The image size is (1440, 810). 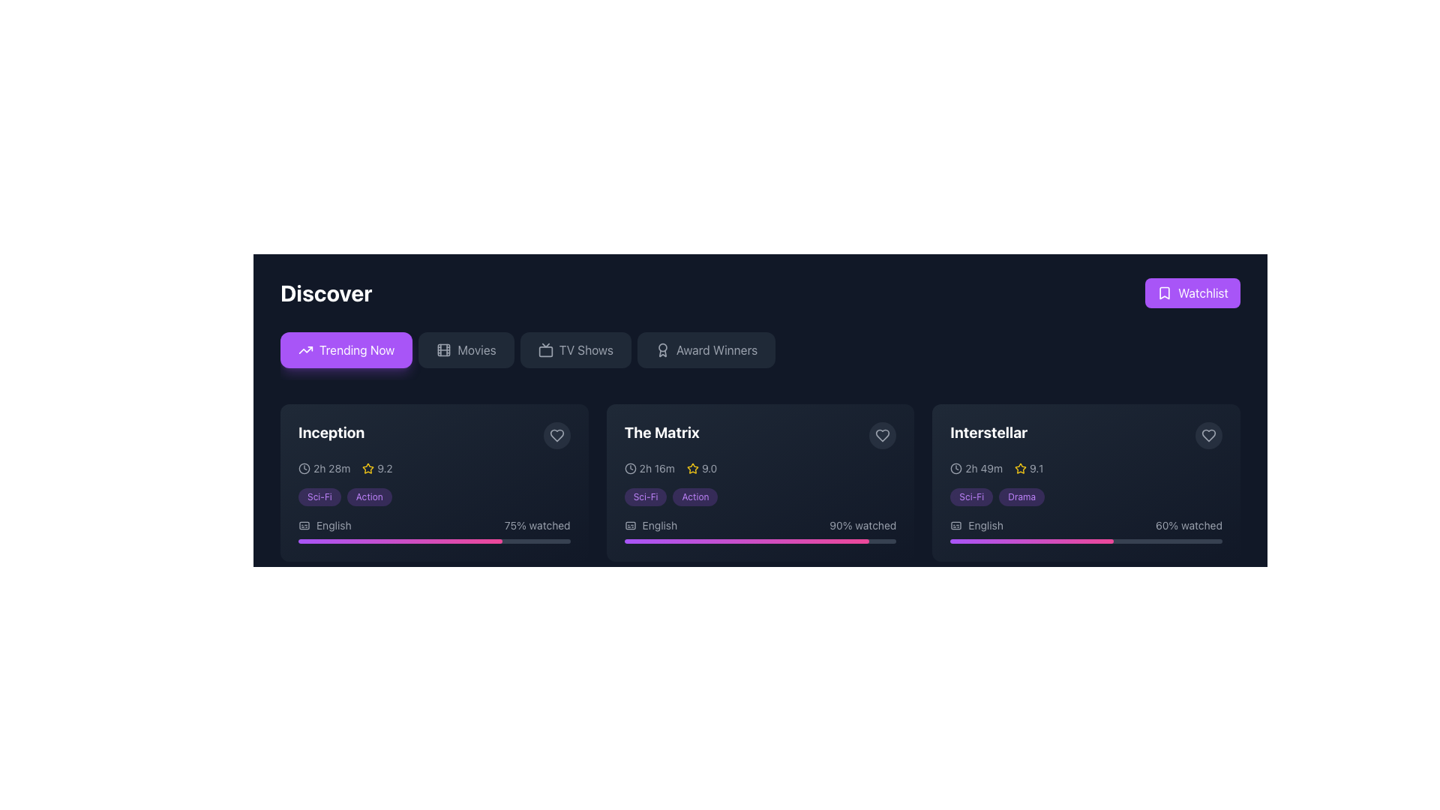 I want to click on watched progress, so click(x=1051, y=541).